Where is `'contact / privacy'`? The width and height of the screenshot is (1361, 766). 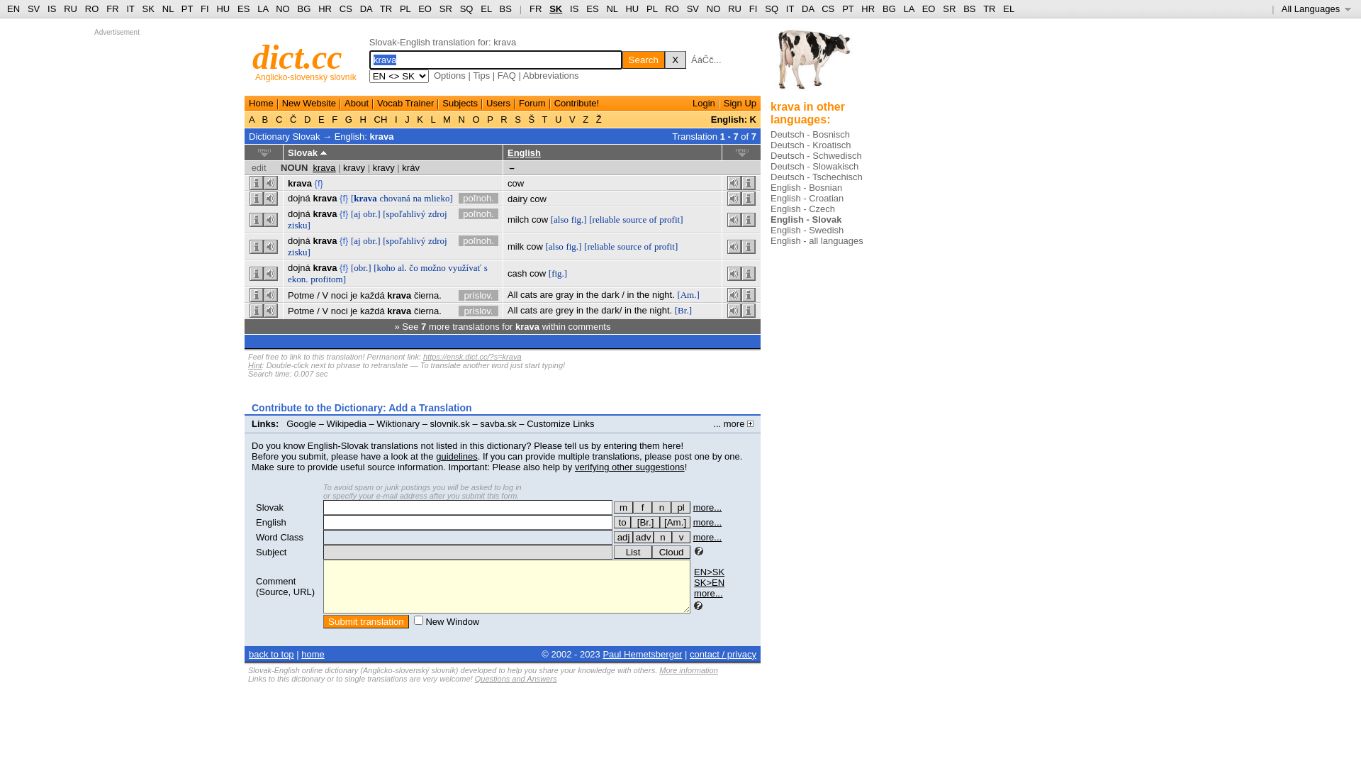 'contact / privacy' is located at coordinates (722, 654).